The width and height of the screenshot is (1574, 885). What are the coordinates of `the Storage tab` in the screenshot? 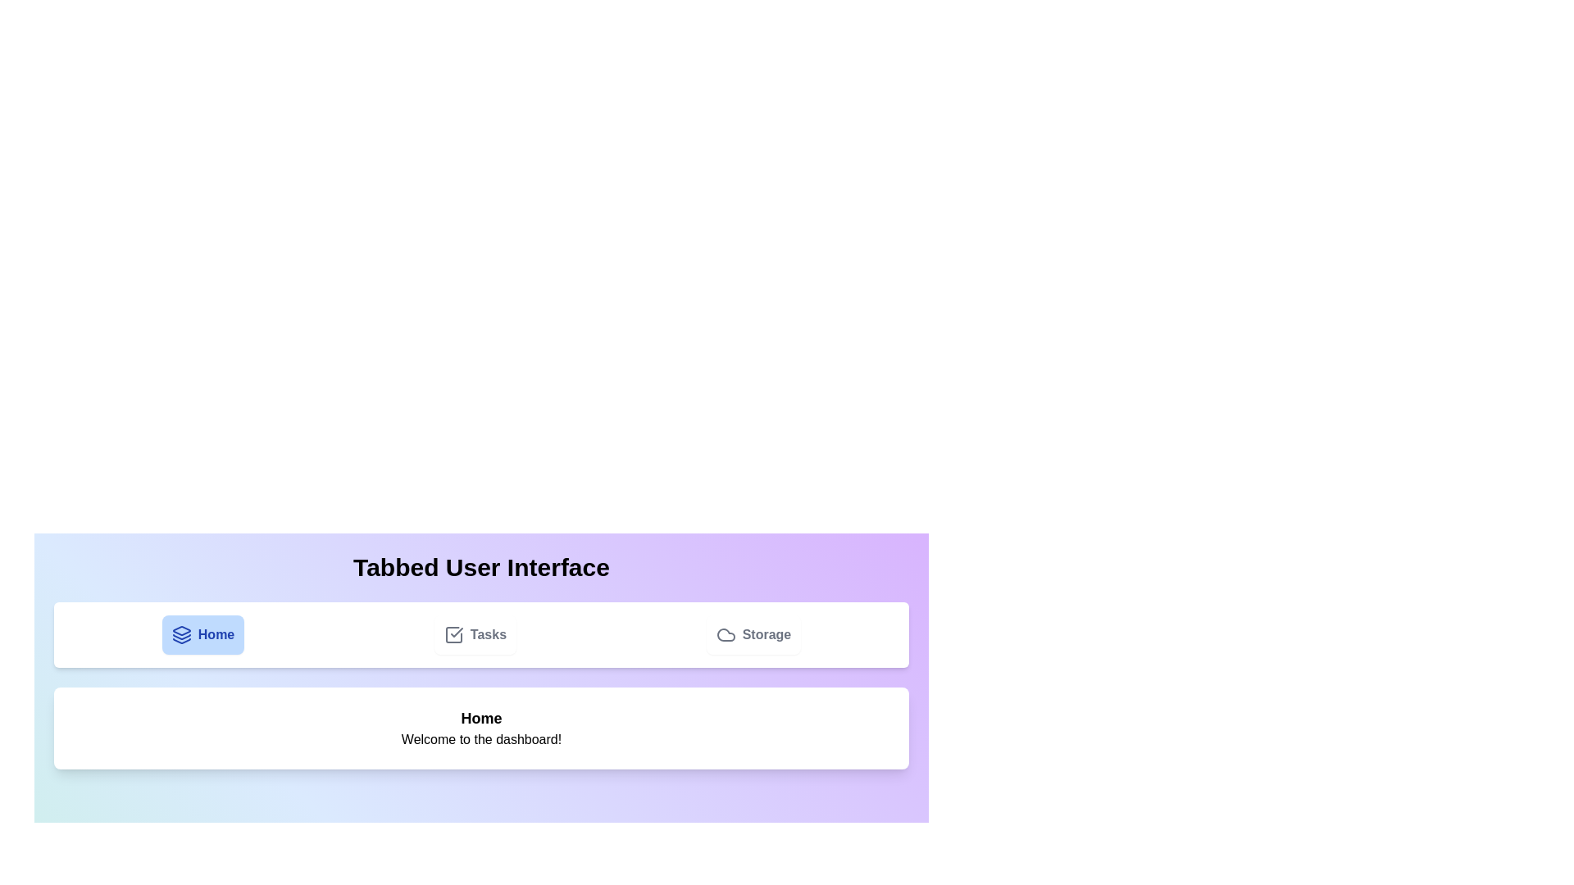 It's located at (752, 634).